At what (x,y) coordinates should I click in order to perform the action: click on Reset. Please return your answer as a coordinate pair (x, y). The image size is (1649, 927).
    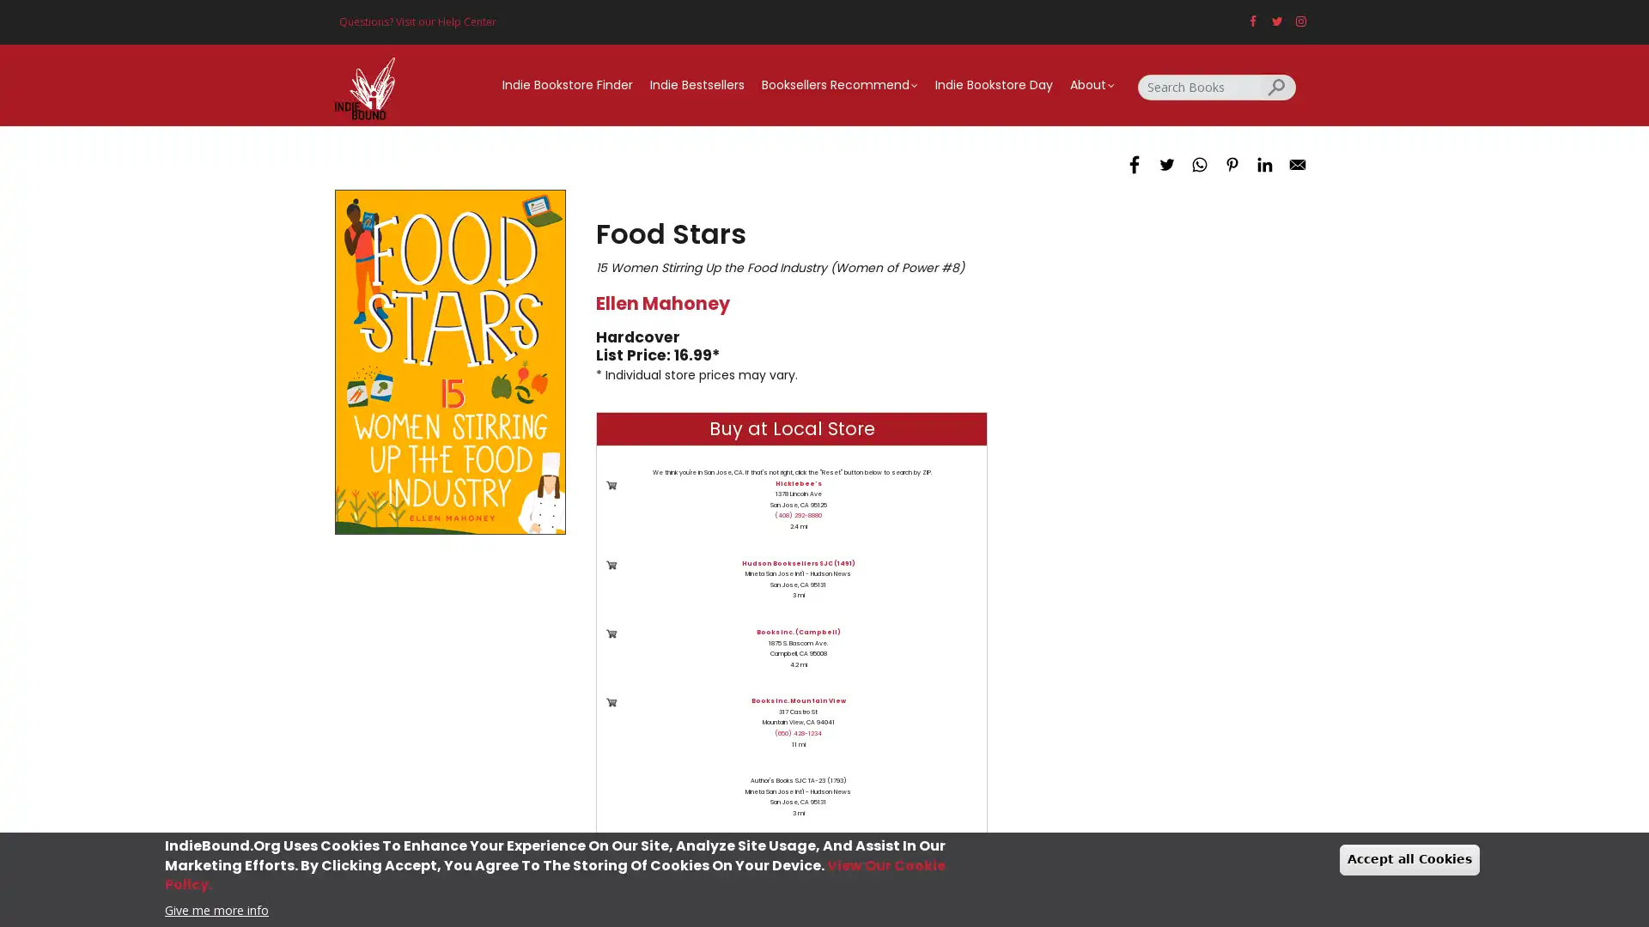
    Looking at the image, I should click on (733, 866).